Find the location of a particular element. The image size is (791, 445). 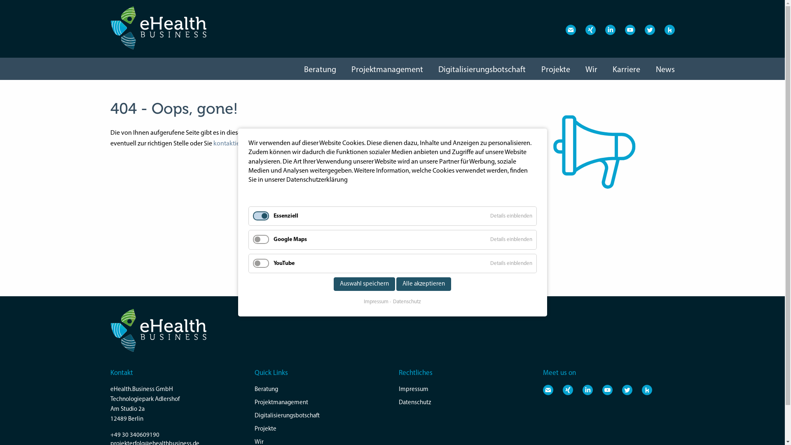

'Auswahl speichern' is located at coordinates (364, 283).